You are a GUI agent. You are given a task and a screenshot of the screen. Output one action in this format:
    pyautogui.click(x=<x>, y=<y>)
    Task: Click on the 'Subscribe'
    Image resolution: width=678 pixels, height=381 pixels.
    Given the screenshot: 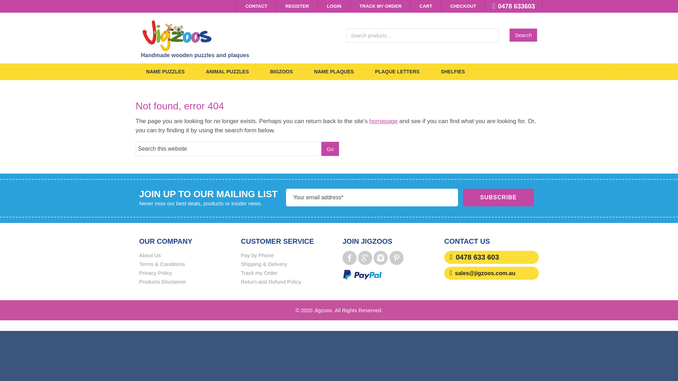 What is the action you would take?
    pyautogui.click(x=498, y=197)
    